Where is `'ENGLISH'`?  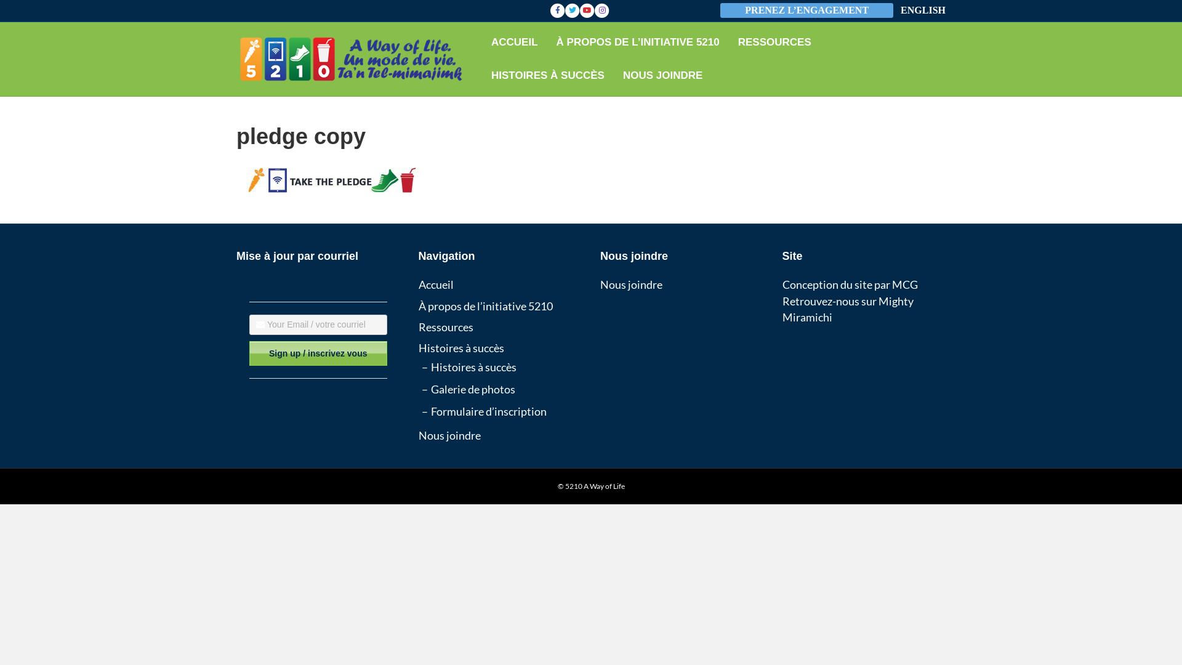 'ENGLISH' is located at coordinates (923, 10).